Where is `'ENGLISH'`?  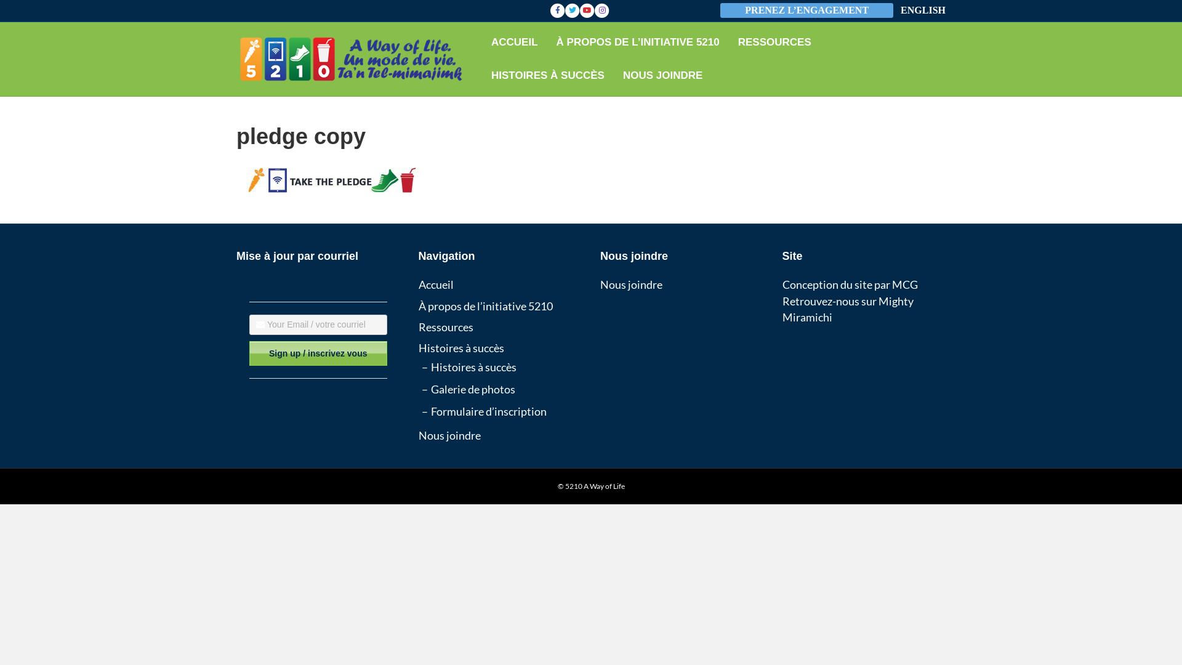 'ENGLISH' is located at coordinates (923, 10).